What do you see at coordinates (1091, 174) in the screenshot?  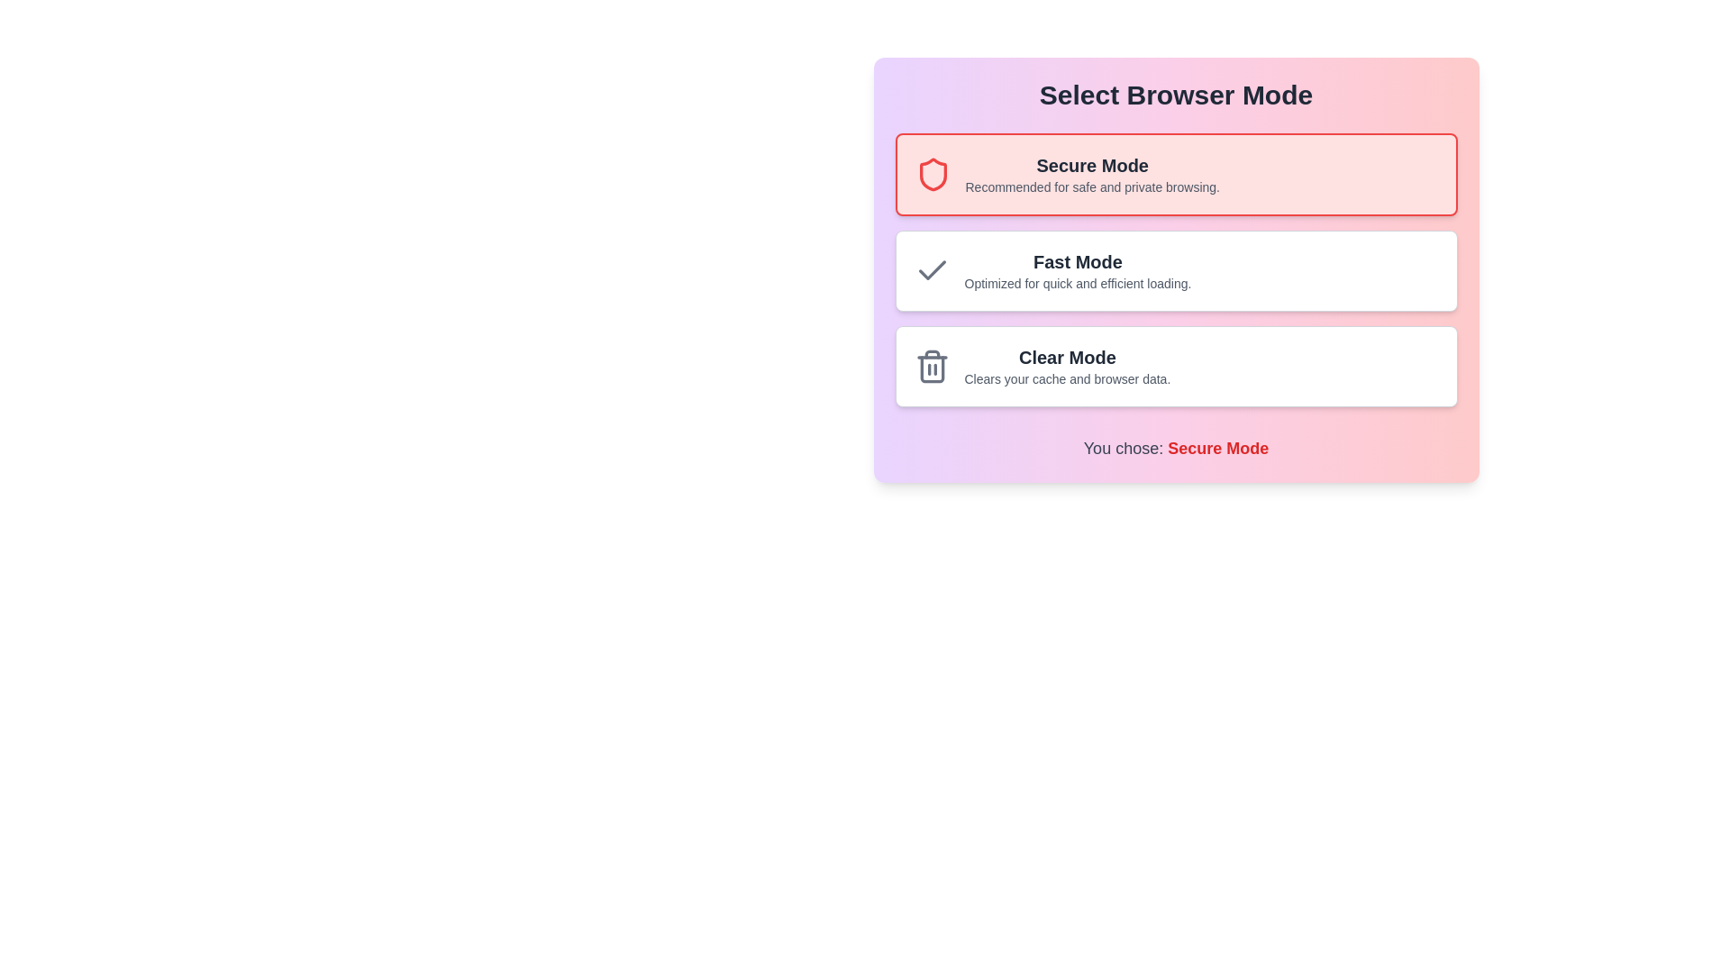 I see `the textual content element that provides details for the 'Secure Mode' option, located directly below the title 'Secure Mode'` at bounding box center [1091, 174].